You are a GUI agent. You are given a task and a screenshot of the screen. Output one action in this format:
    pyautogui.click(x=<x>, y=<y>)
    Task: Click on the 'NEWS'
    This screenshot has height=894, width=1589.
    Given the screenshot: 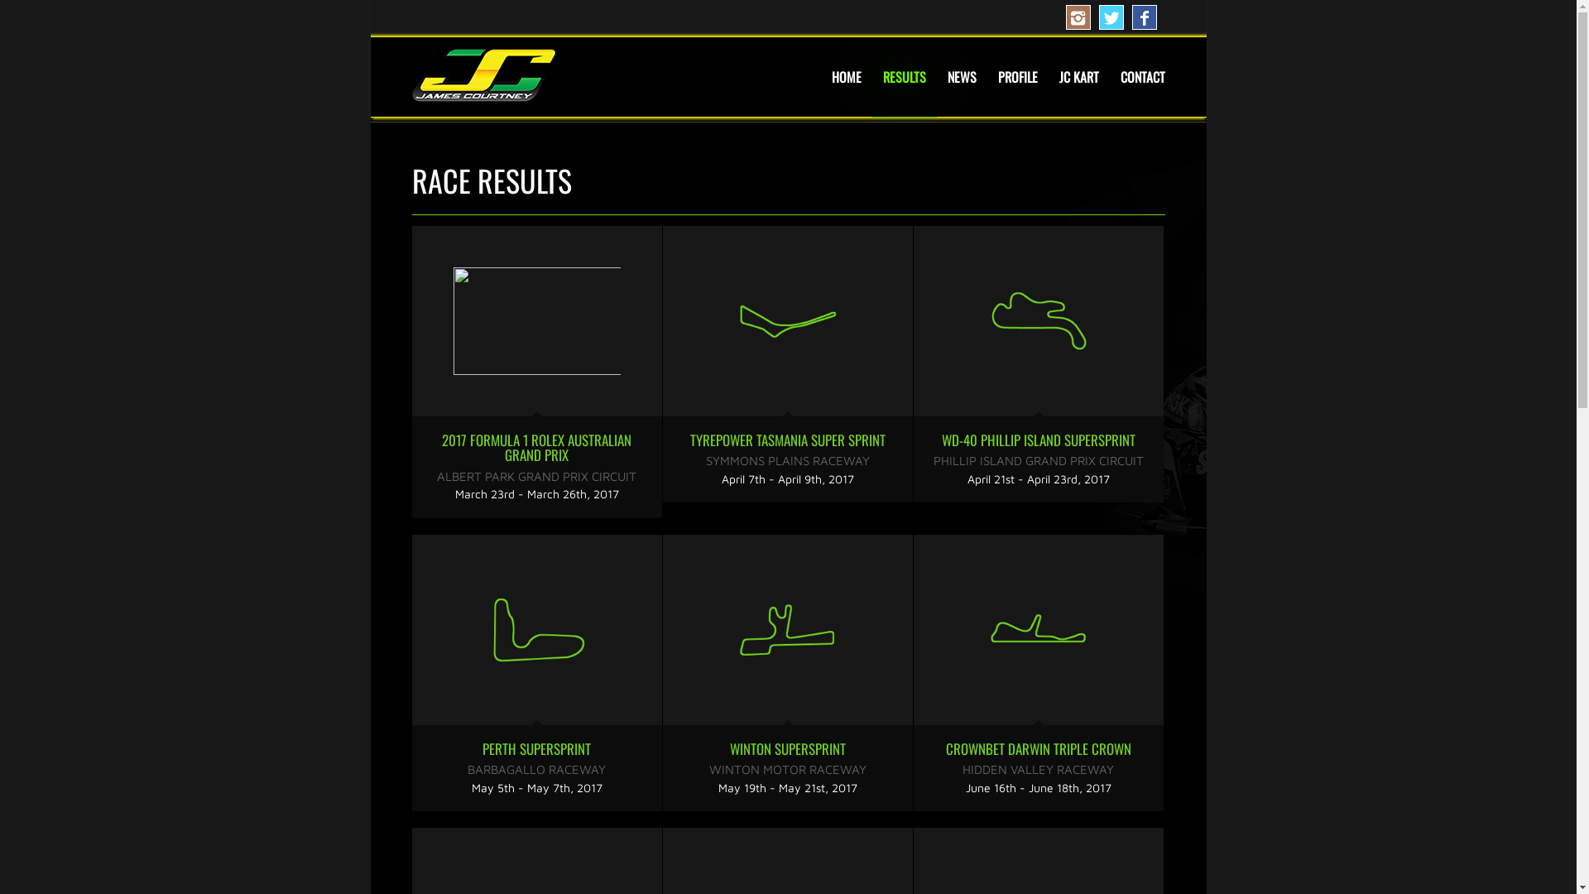 What is the action you would take?
    pyautogui.click(x=962, y=76)
    